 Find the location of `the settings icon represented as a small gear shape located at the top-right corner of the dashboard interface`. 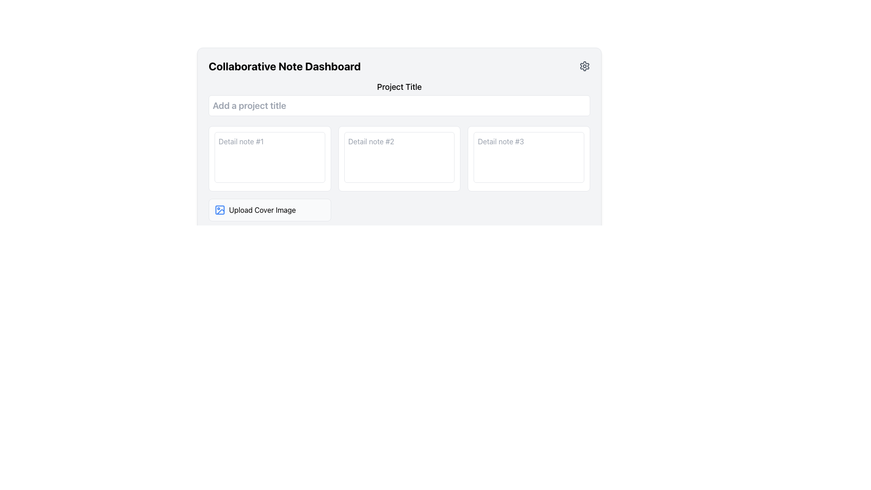

the settings icon represented as a small gear shape located at the top-right corner of the dashboard interface is located at coordinates (585, 66).